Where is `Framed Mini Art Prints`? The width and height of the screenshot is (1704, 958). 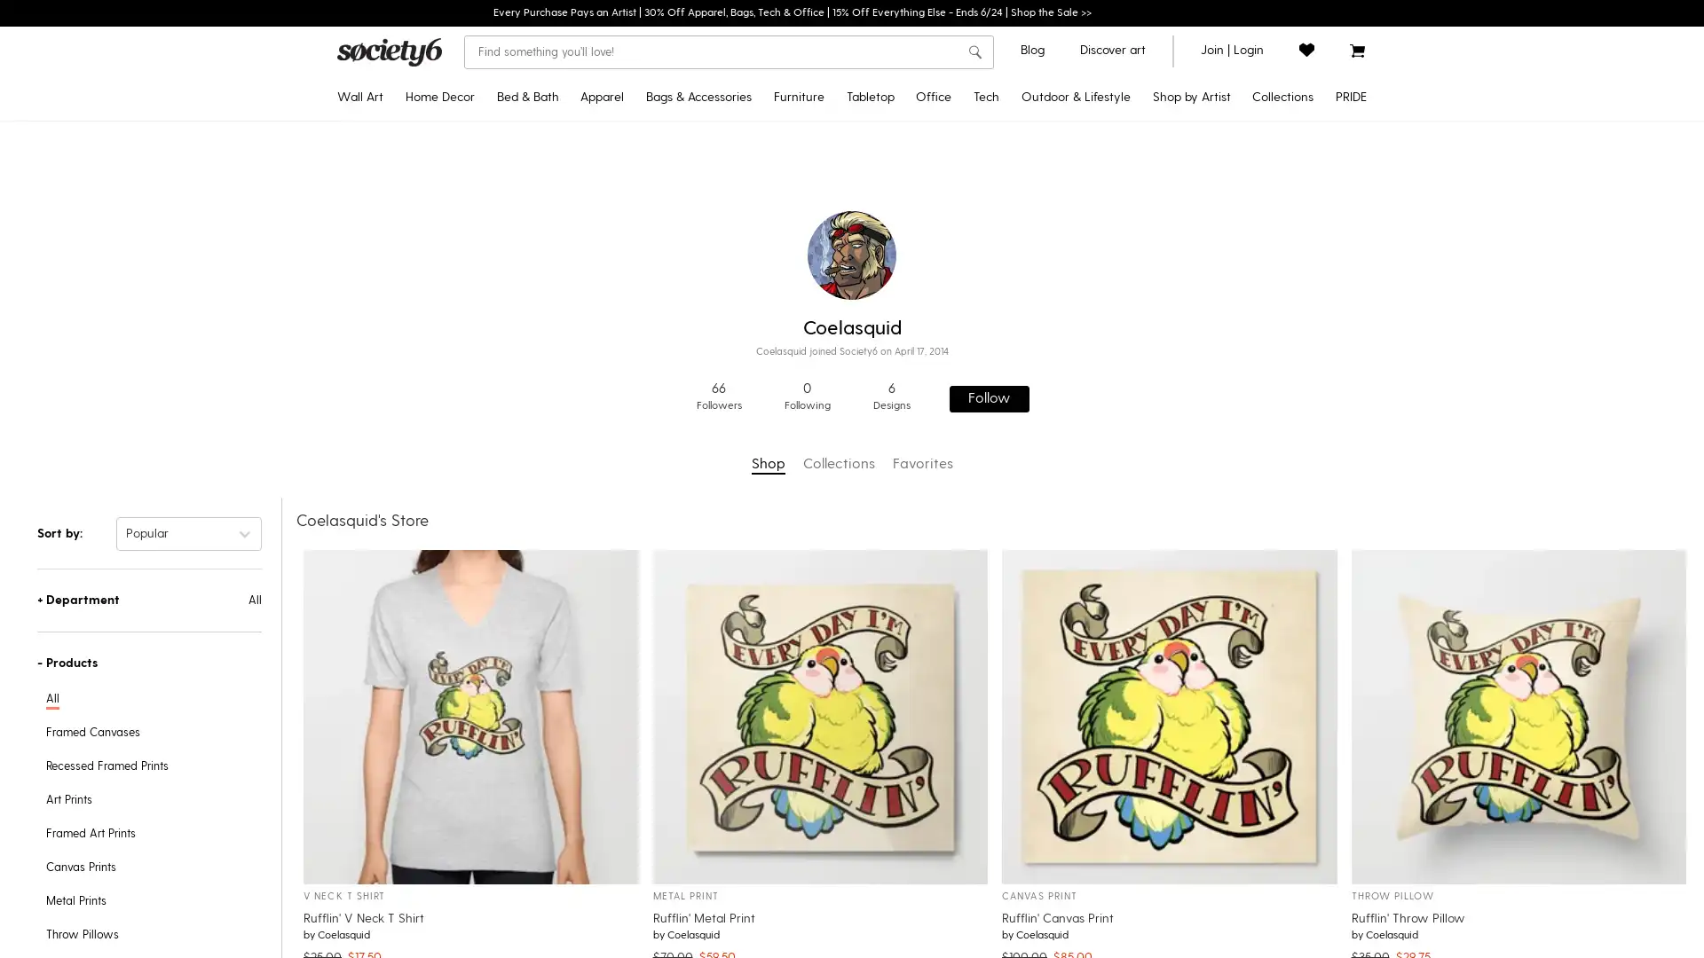 Framed Mini Art Prints is located at coordinates (417, 485).